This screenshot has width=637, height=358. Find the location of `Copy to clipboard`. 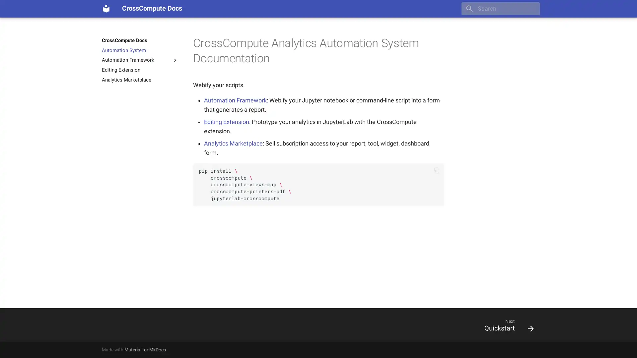

Copy to clipboard is located at coordinates (436, 170).